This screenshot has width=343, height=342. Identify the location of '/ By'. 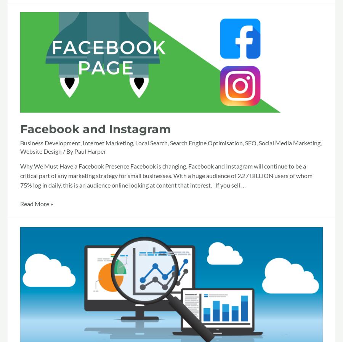
(68, 151).